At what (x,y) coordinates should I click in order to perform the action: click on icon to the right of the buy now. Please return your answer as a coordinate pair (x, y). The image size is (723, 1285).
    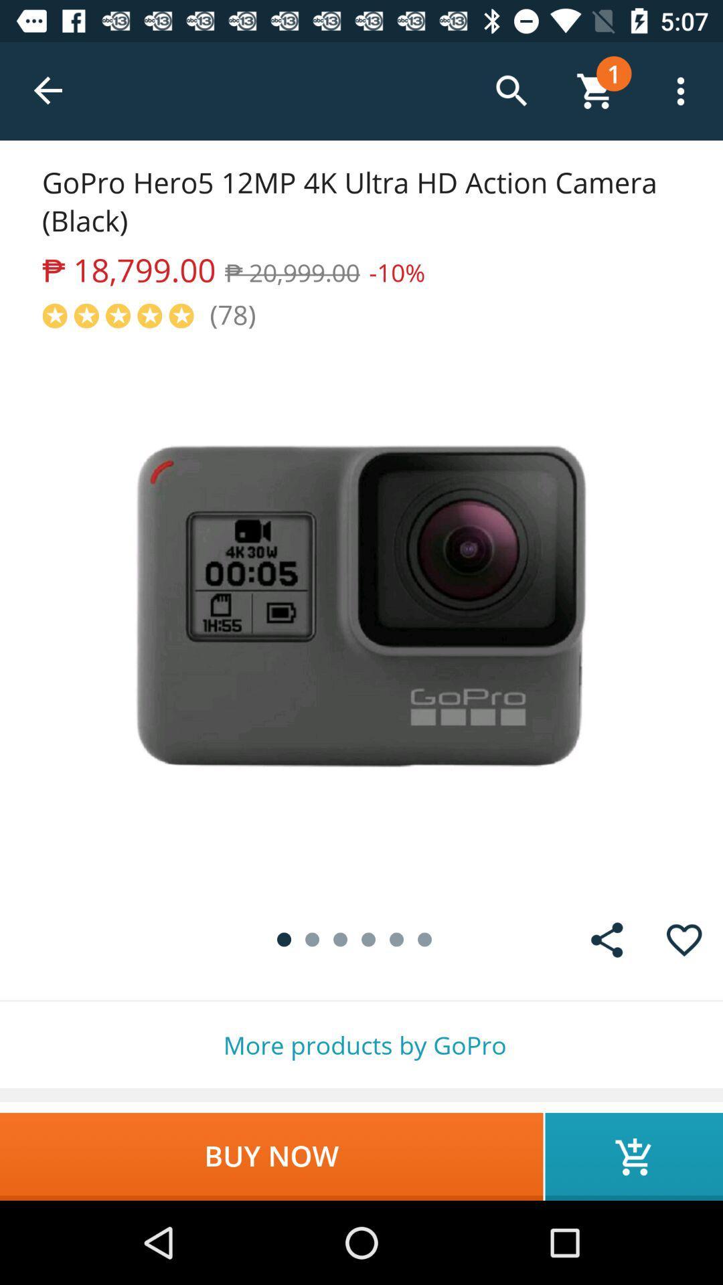
    Looking at the image, I should click on (633, 1156).